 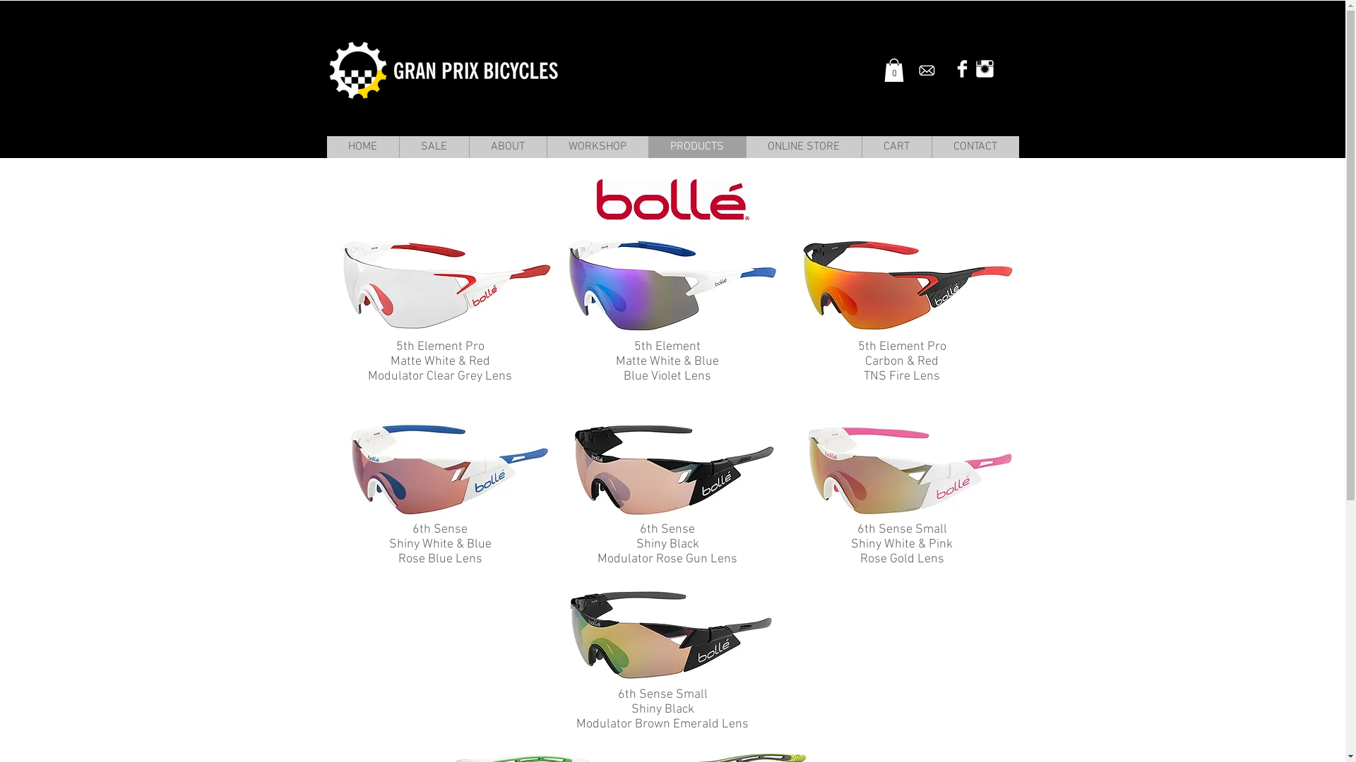 What do you see at coordinates (803, 147) in the screenshot?
I see `'ONLINE STORE'` at bounding box center [803, 147].